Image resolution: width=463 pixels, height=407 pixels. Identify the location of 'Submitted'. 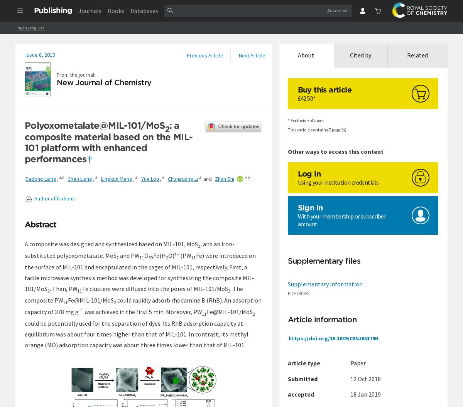
(302, 379).